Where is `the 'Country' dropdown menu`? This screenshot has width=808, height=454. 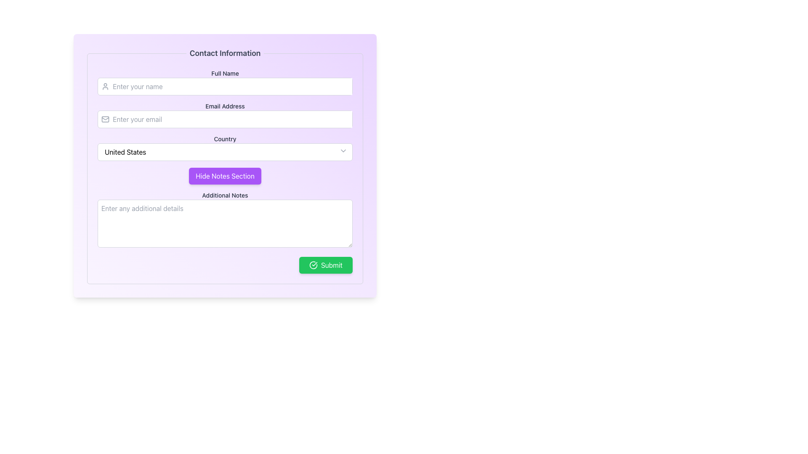
the 'Country' dropdown menu is located at coordinates (225, 147).